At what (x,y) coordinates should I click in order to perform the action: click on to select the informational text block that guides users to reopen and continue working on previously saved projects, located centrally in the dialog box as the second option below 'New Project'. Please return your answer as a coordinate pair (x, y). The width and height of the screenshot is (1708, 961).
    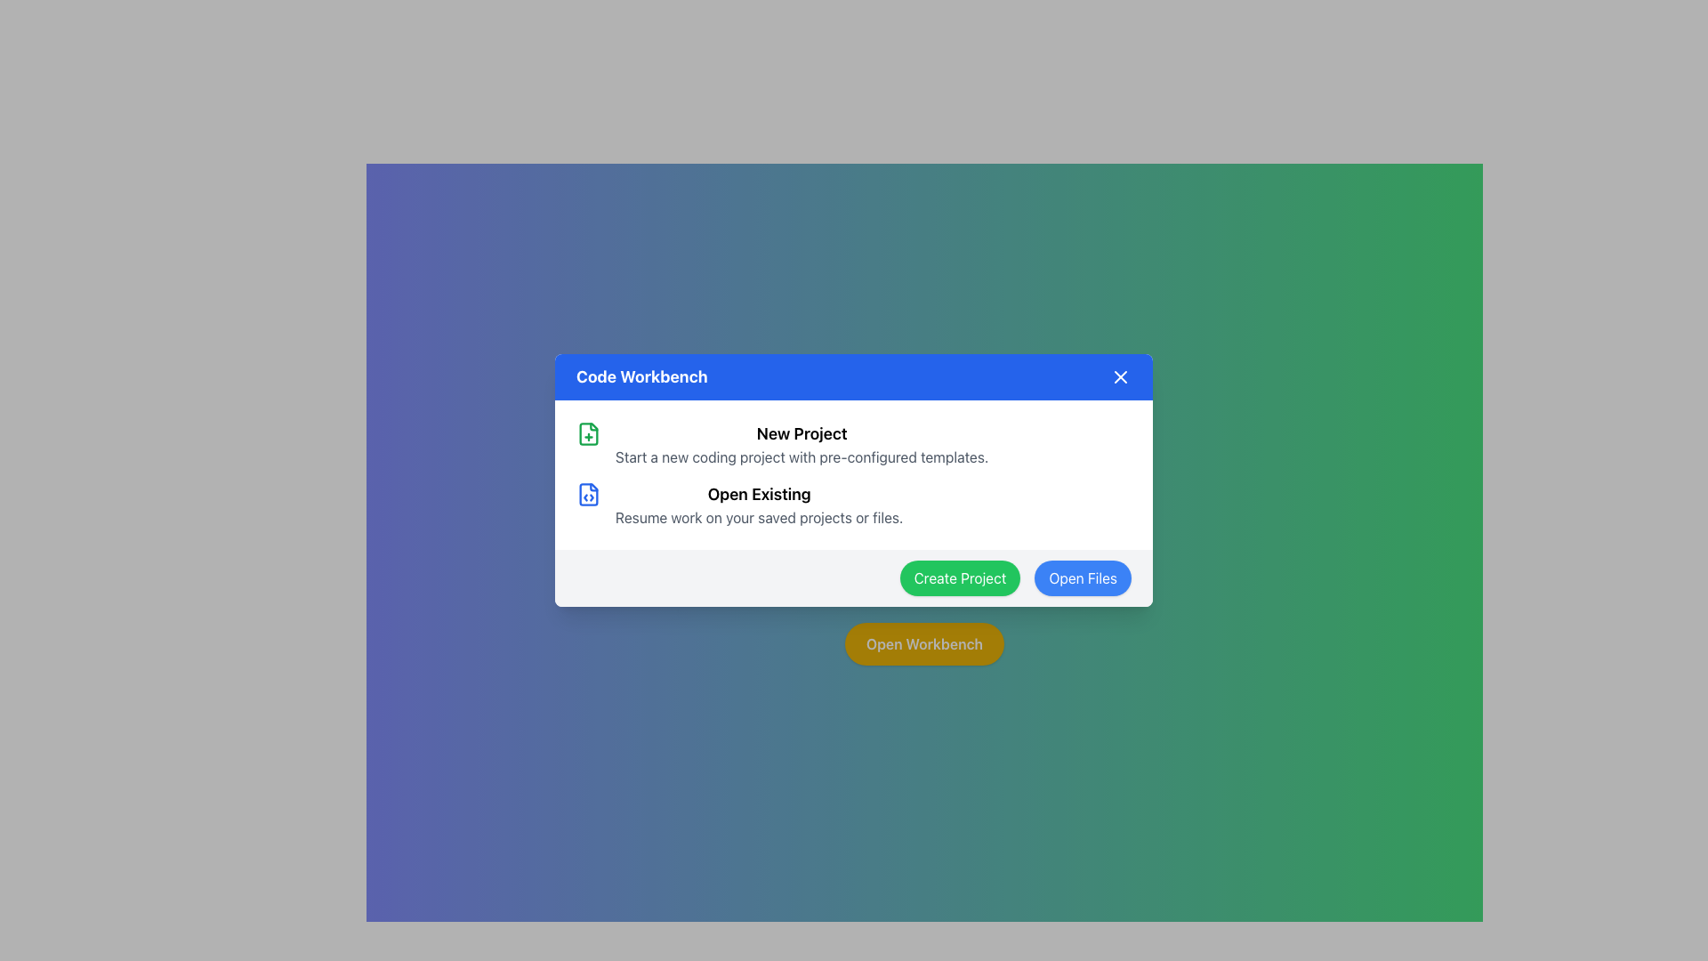
    Looking at the image, I should click on (759, 505).